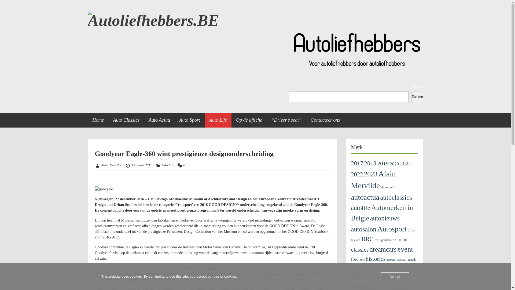 Image resolution: width=515 pixels, height=290 pixels. I want to click on 'autonieuws', so click(385, 218).